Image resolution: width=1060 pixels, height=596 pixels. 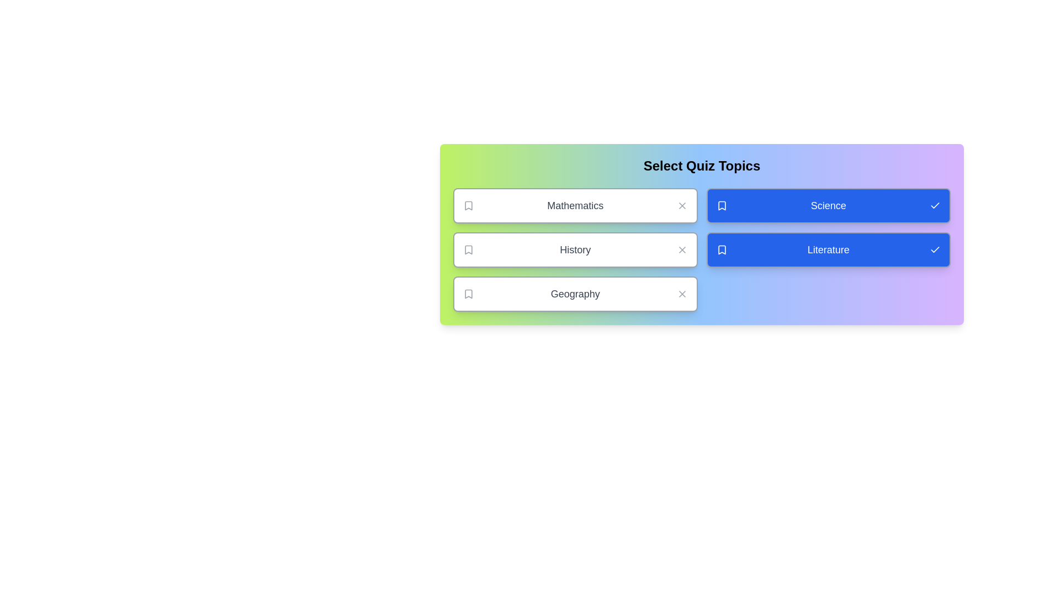 I want to click on the topic Mathematics by clicking on its card, so click(x=575, y=206).